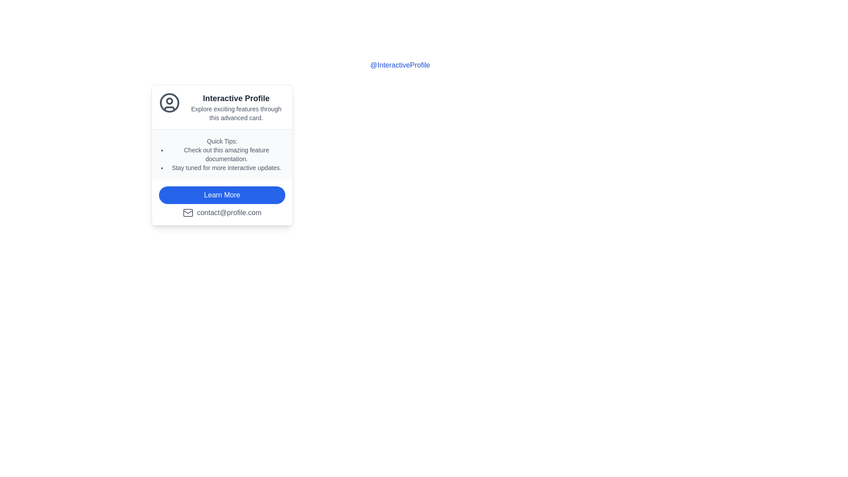 The height and width of the screenshot is (477, 848). What do you see at coordinates (227, 158) in the screenshot?
I see `the first and only bulleted list located directly beneath the 'Quick Tips:' label` at bounding box center [227, 158].